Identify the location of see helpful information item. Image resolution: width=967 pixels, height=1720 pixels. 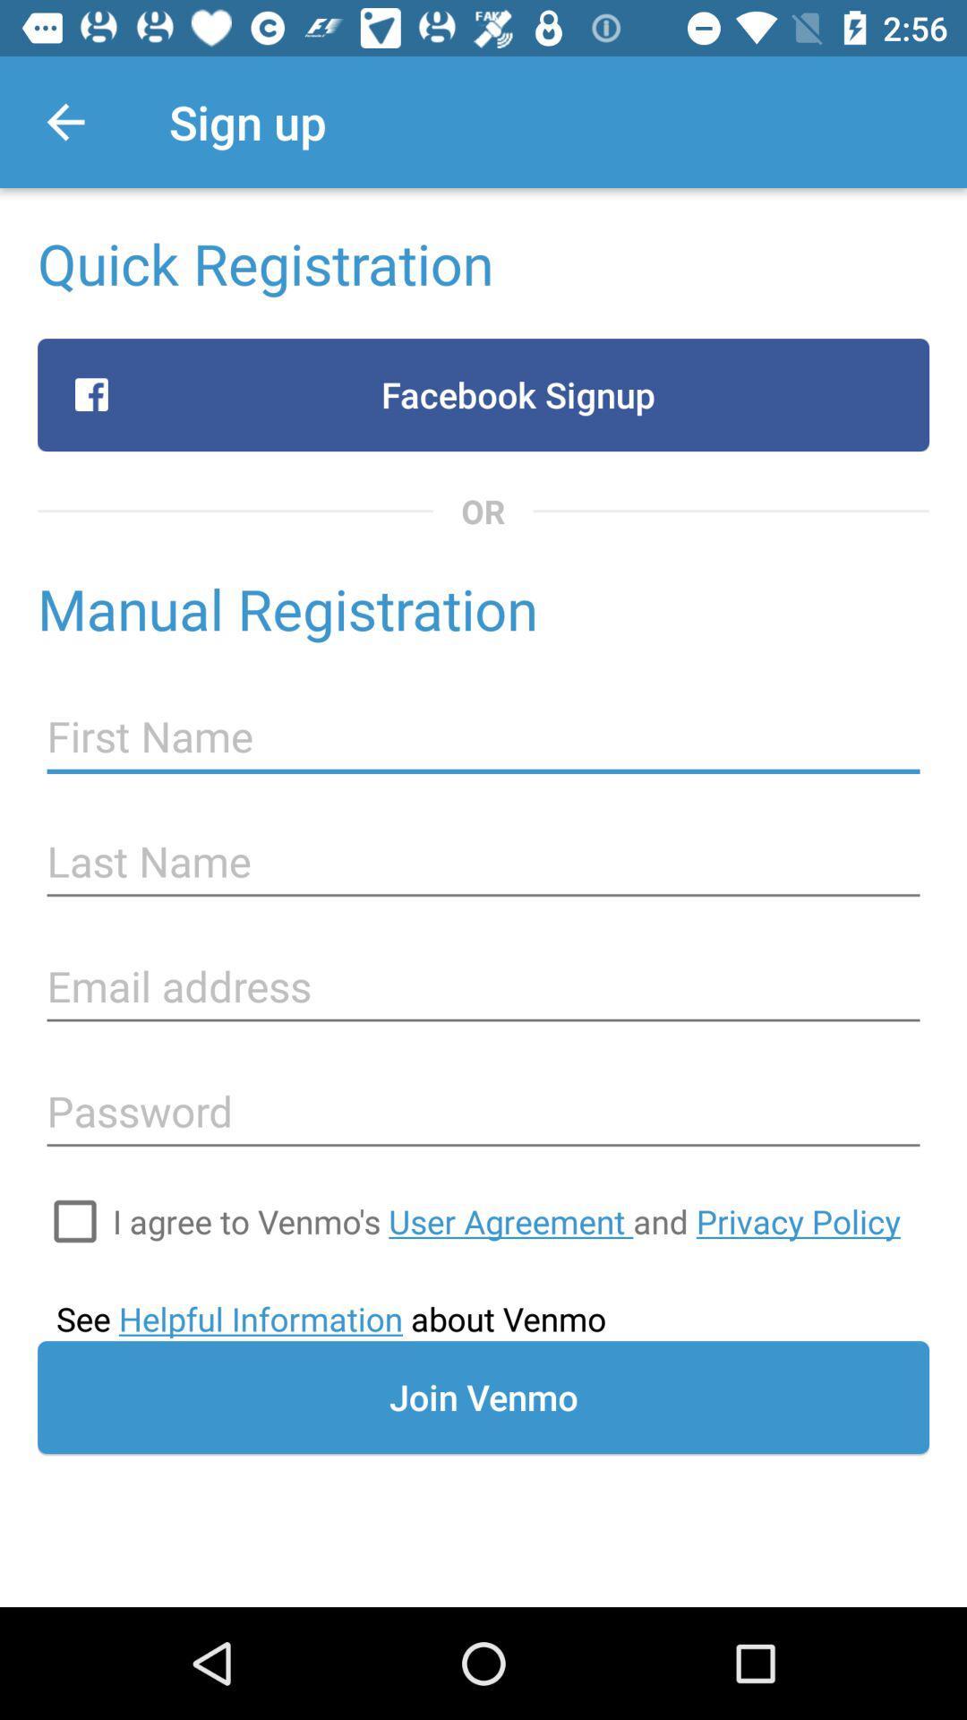
(331, 1319).